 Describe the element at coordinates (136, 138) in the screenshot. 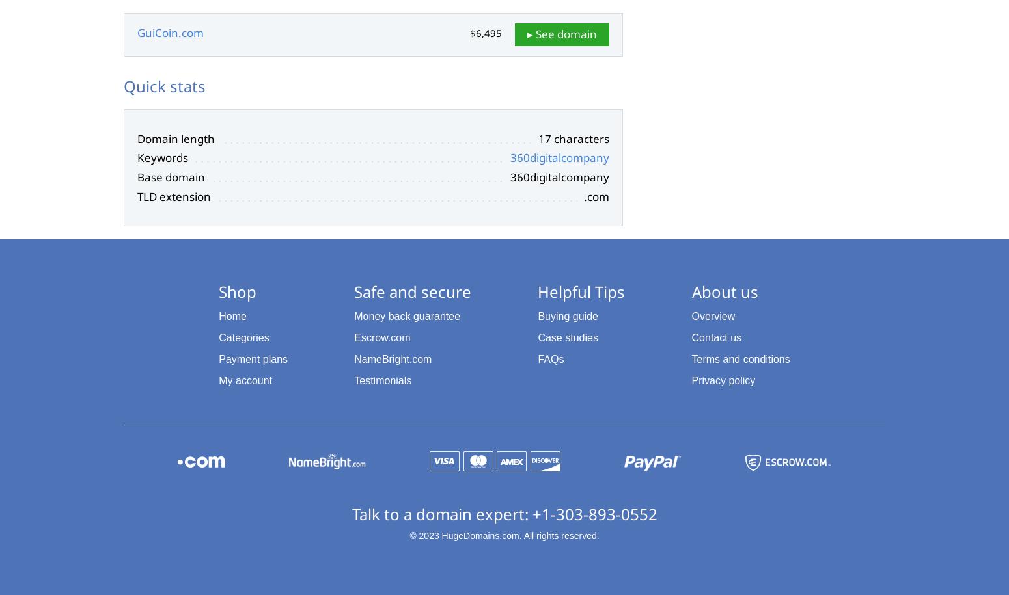

I see `'Domain length'` at that location.